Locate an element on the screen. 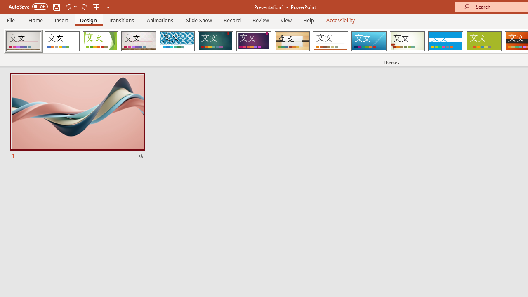 This screenshot has width=528, height=297. 'Ion Boardroom' is located at coordinates (253, 41).